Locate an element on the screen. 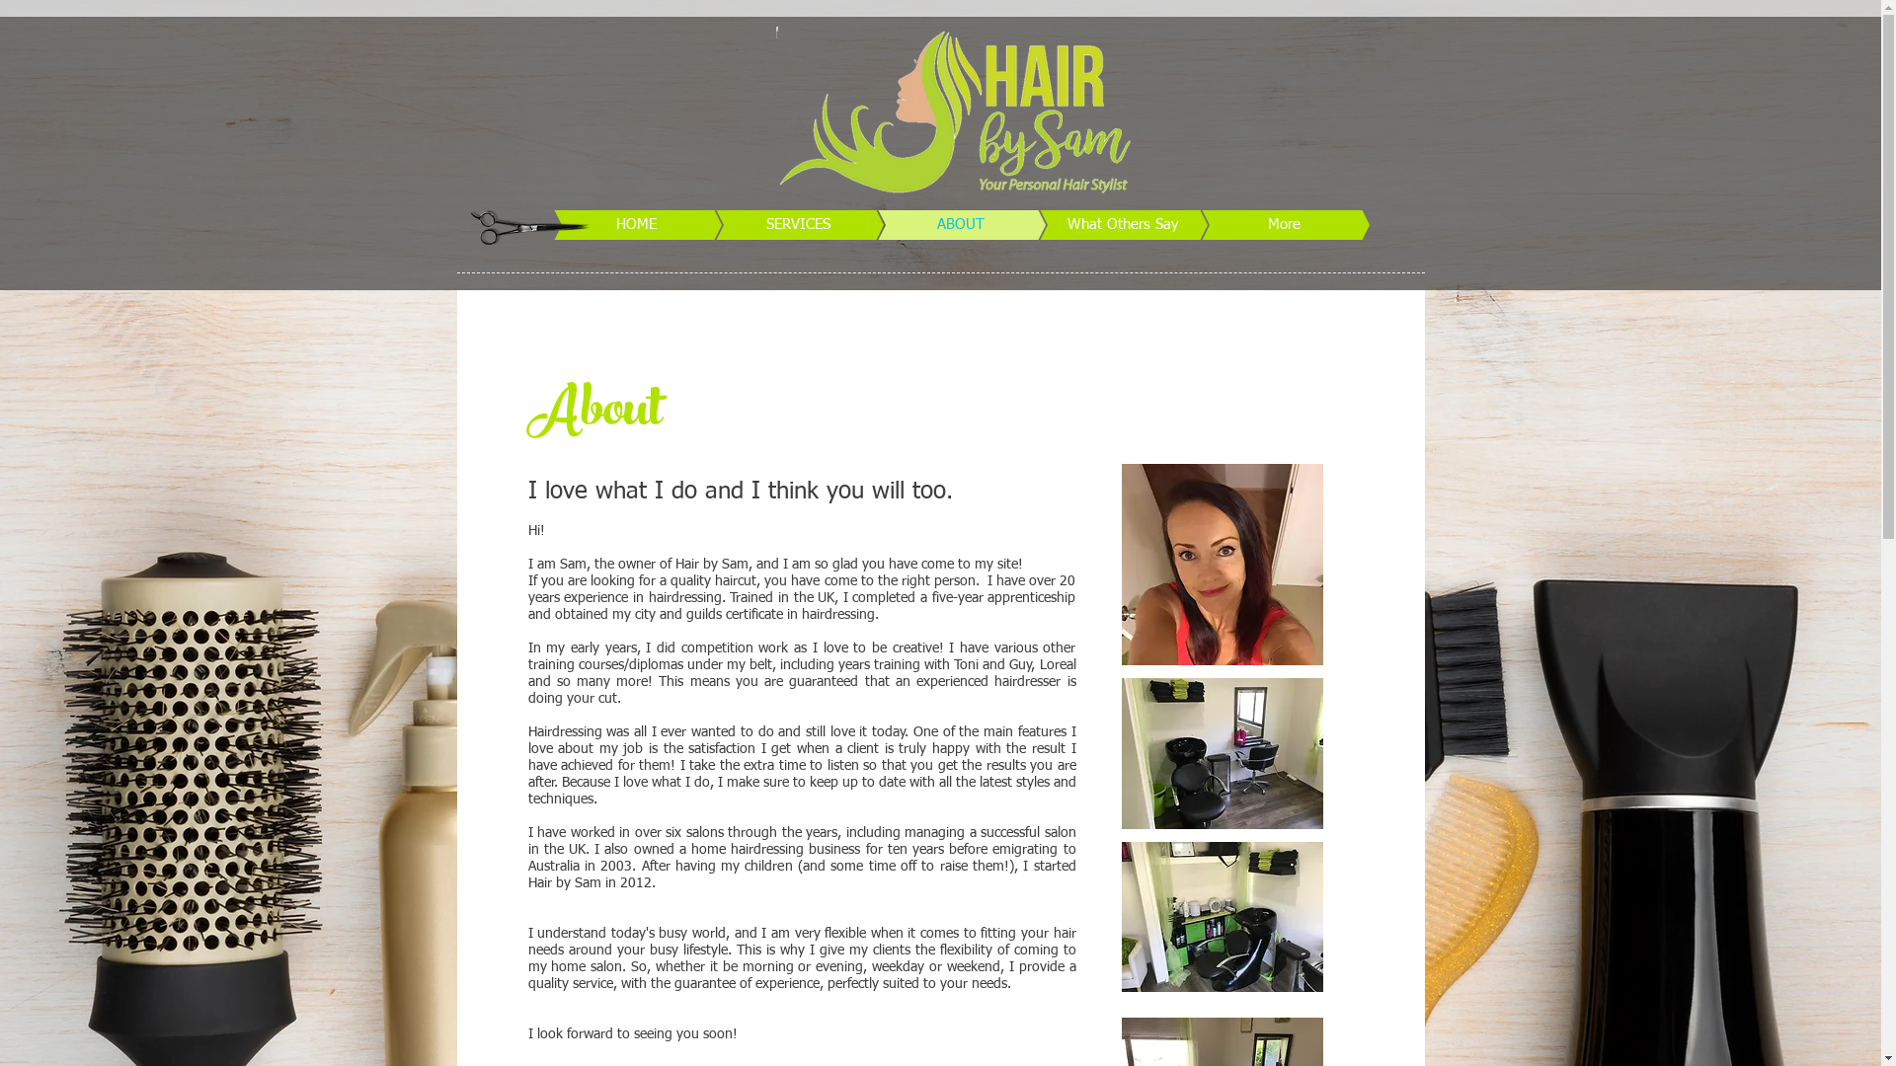 Image resolution: width=1896 pixels, height=1066 pixels. 'ABOUT' is located at coordinates (928, 223).